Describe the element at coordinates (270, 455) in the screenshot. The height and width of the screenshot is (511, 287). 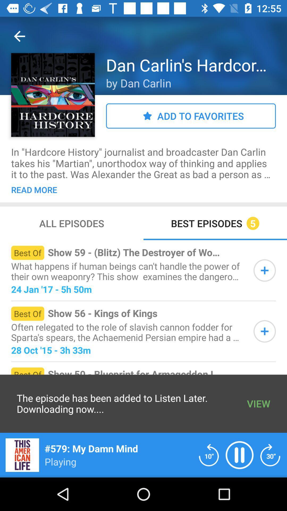
I see `the av_forward icon` at that location.